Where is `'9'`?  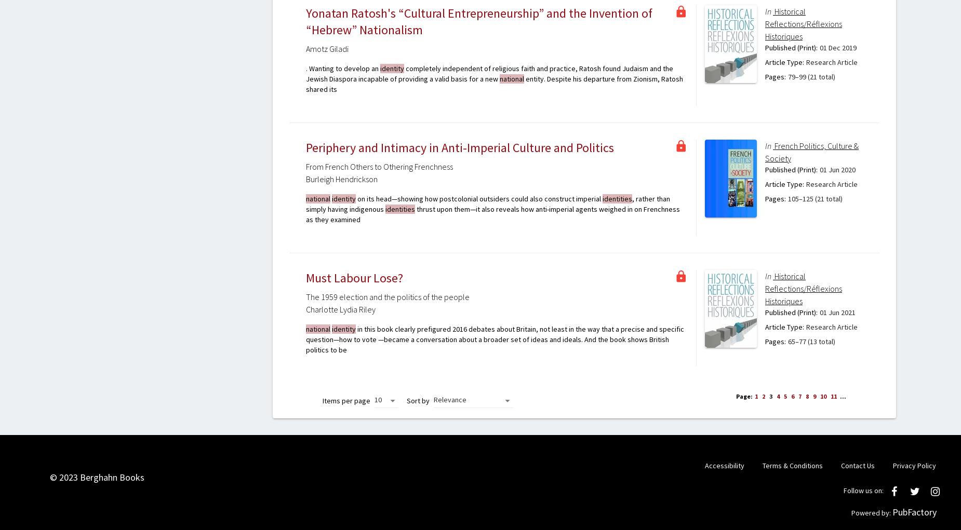 '9' is located at coordinates (812, 396).